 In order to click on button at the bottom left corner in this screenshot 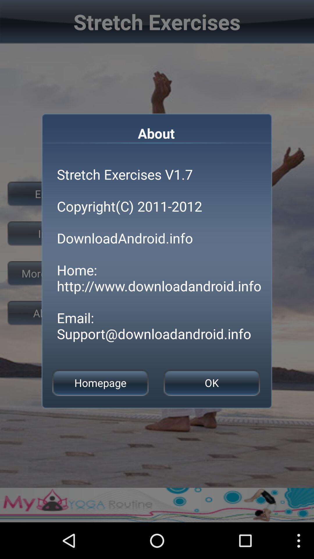, I will do `click(100, 383)`.